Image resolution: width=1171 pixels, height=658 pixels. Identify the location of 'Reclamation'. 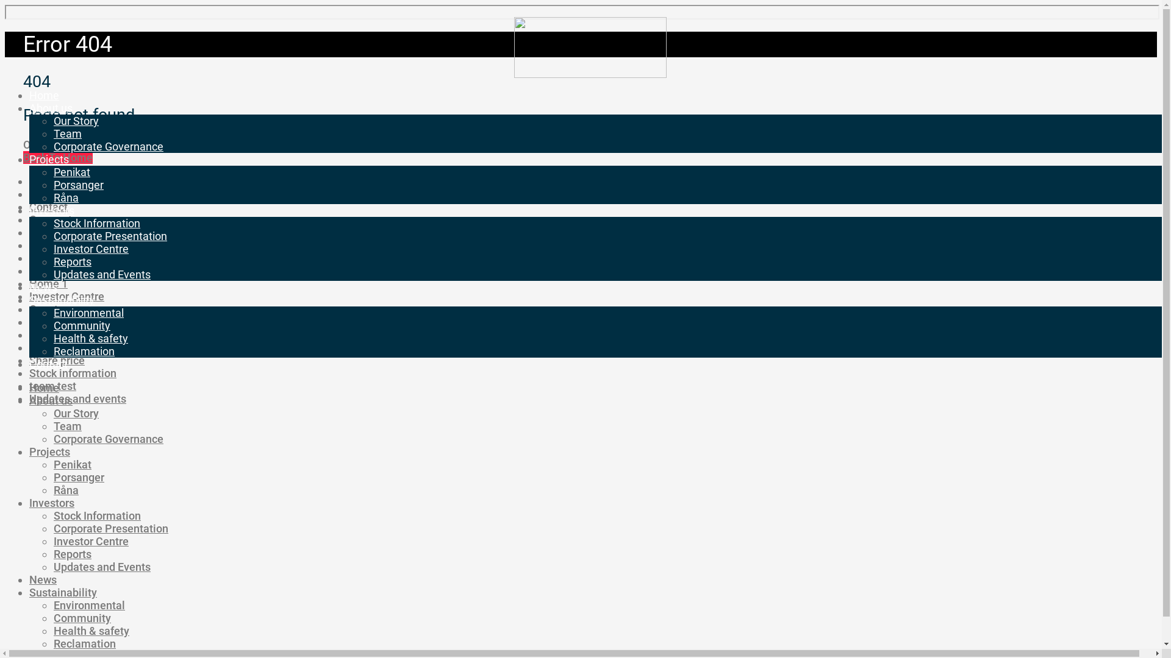
(84, 643).